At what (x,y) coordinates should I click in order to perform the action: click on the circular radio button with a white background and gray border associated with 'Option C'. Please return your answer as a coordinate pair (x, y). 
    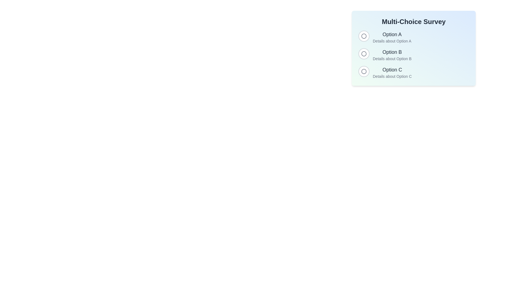
    Looking at the image, I should click on (364, 71).